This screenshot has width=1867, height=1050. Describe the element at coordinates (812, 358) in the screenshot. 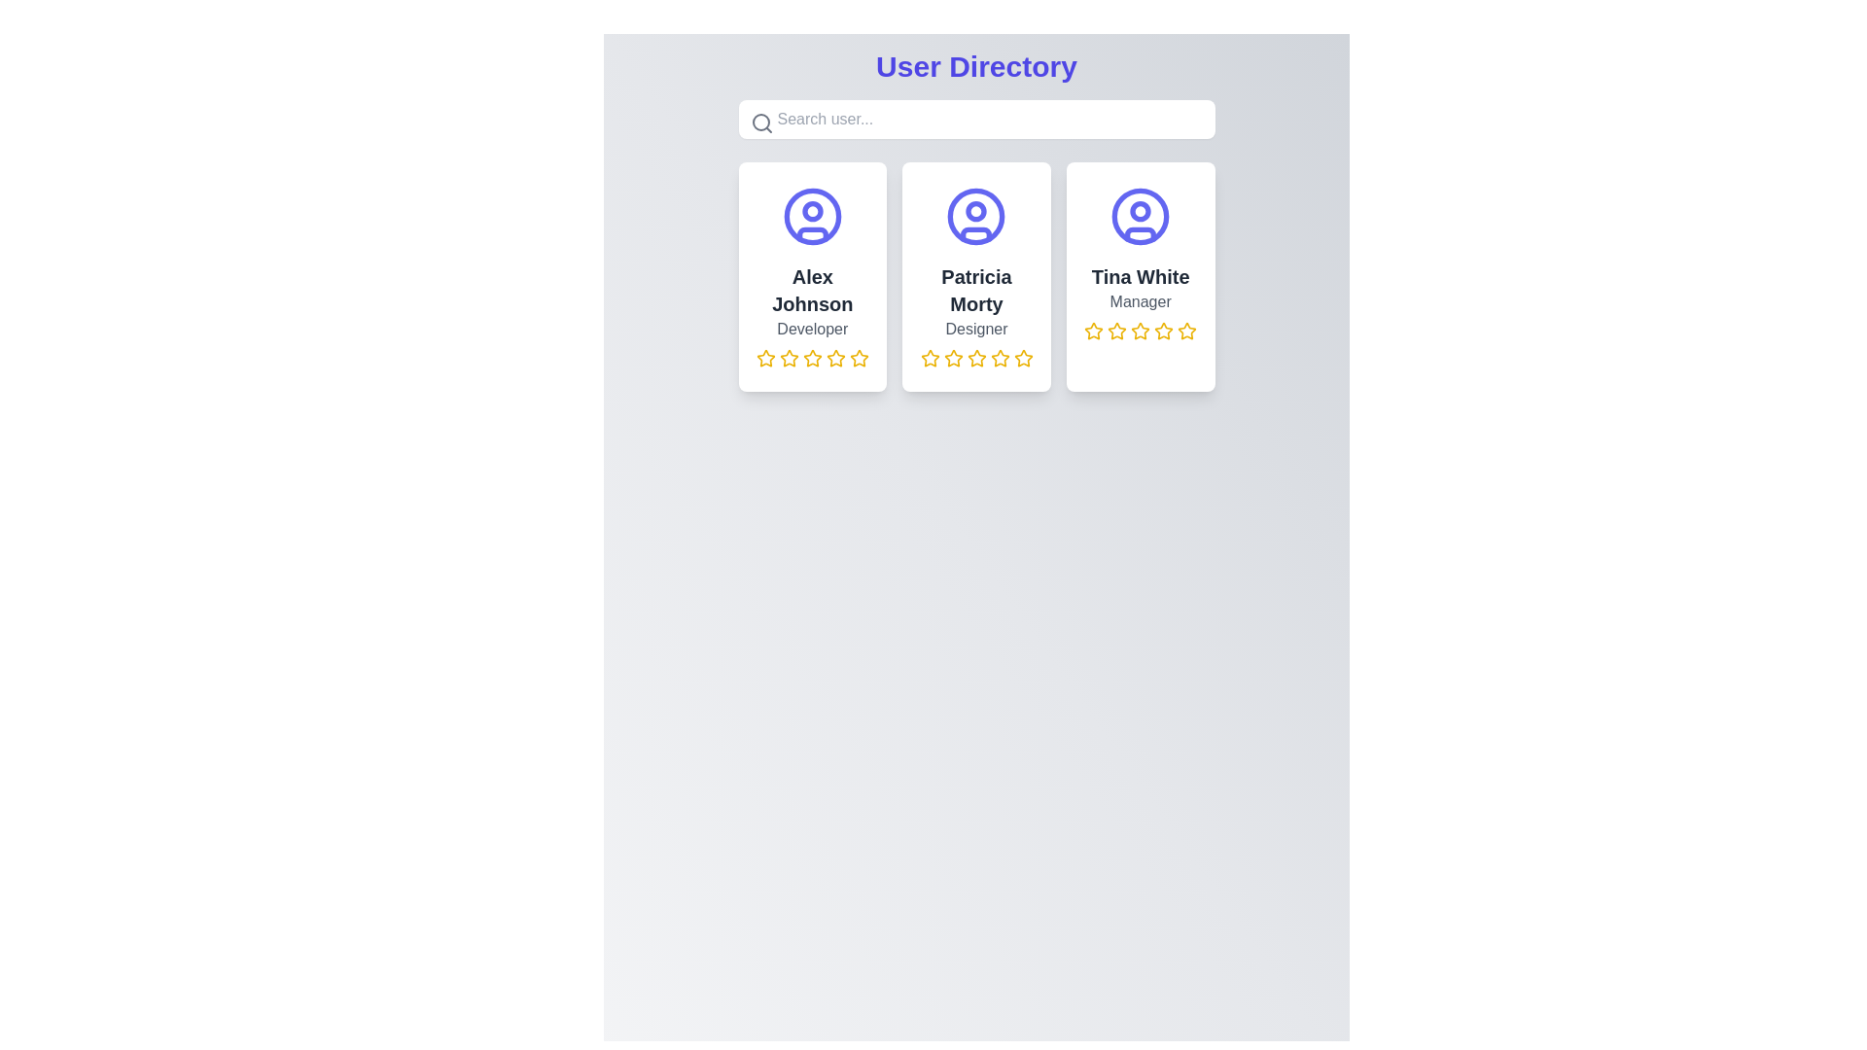

I see `the second star in the 5-star rating component located under the 'Alex Johnson' user profile card` at that location.